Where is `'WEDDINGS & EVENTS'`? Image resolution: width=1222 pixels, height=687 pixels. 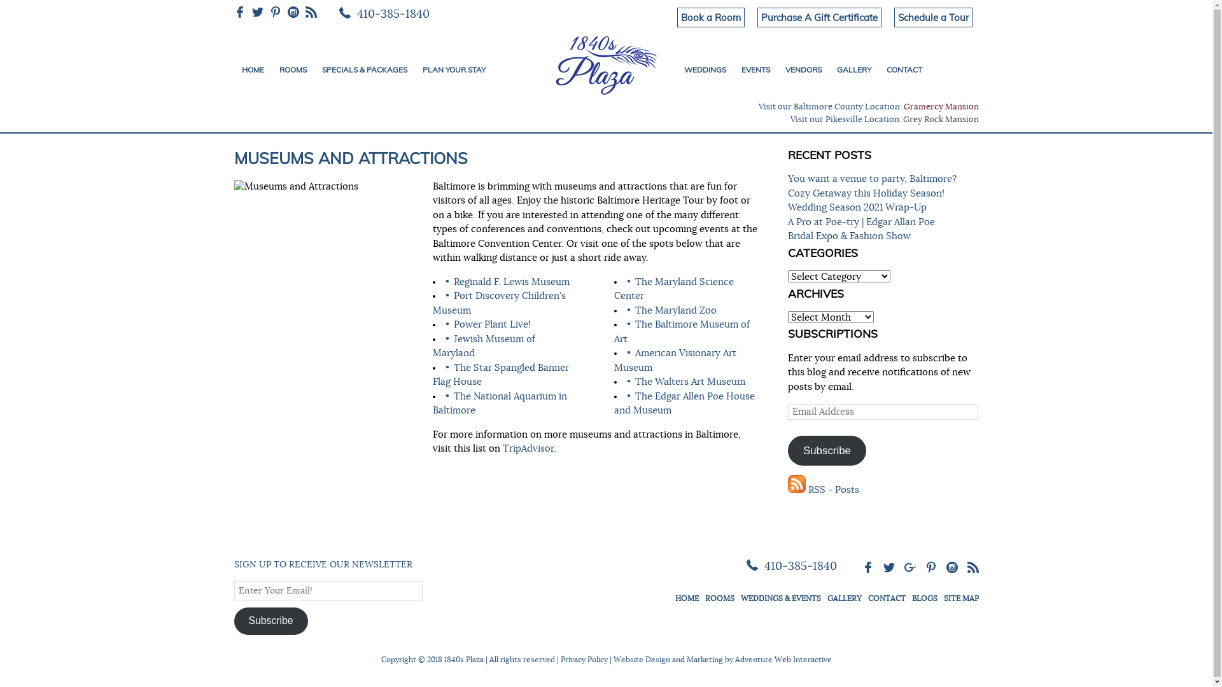
'WEDDINGS & EVENTS' is located at coordinates (780, 598).